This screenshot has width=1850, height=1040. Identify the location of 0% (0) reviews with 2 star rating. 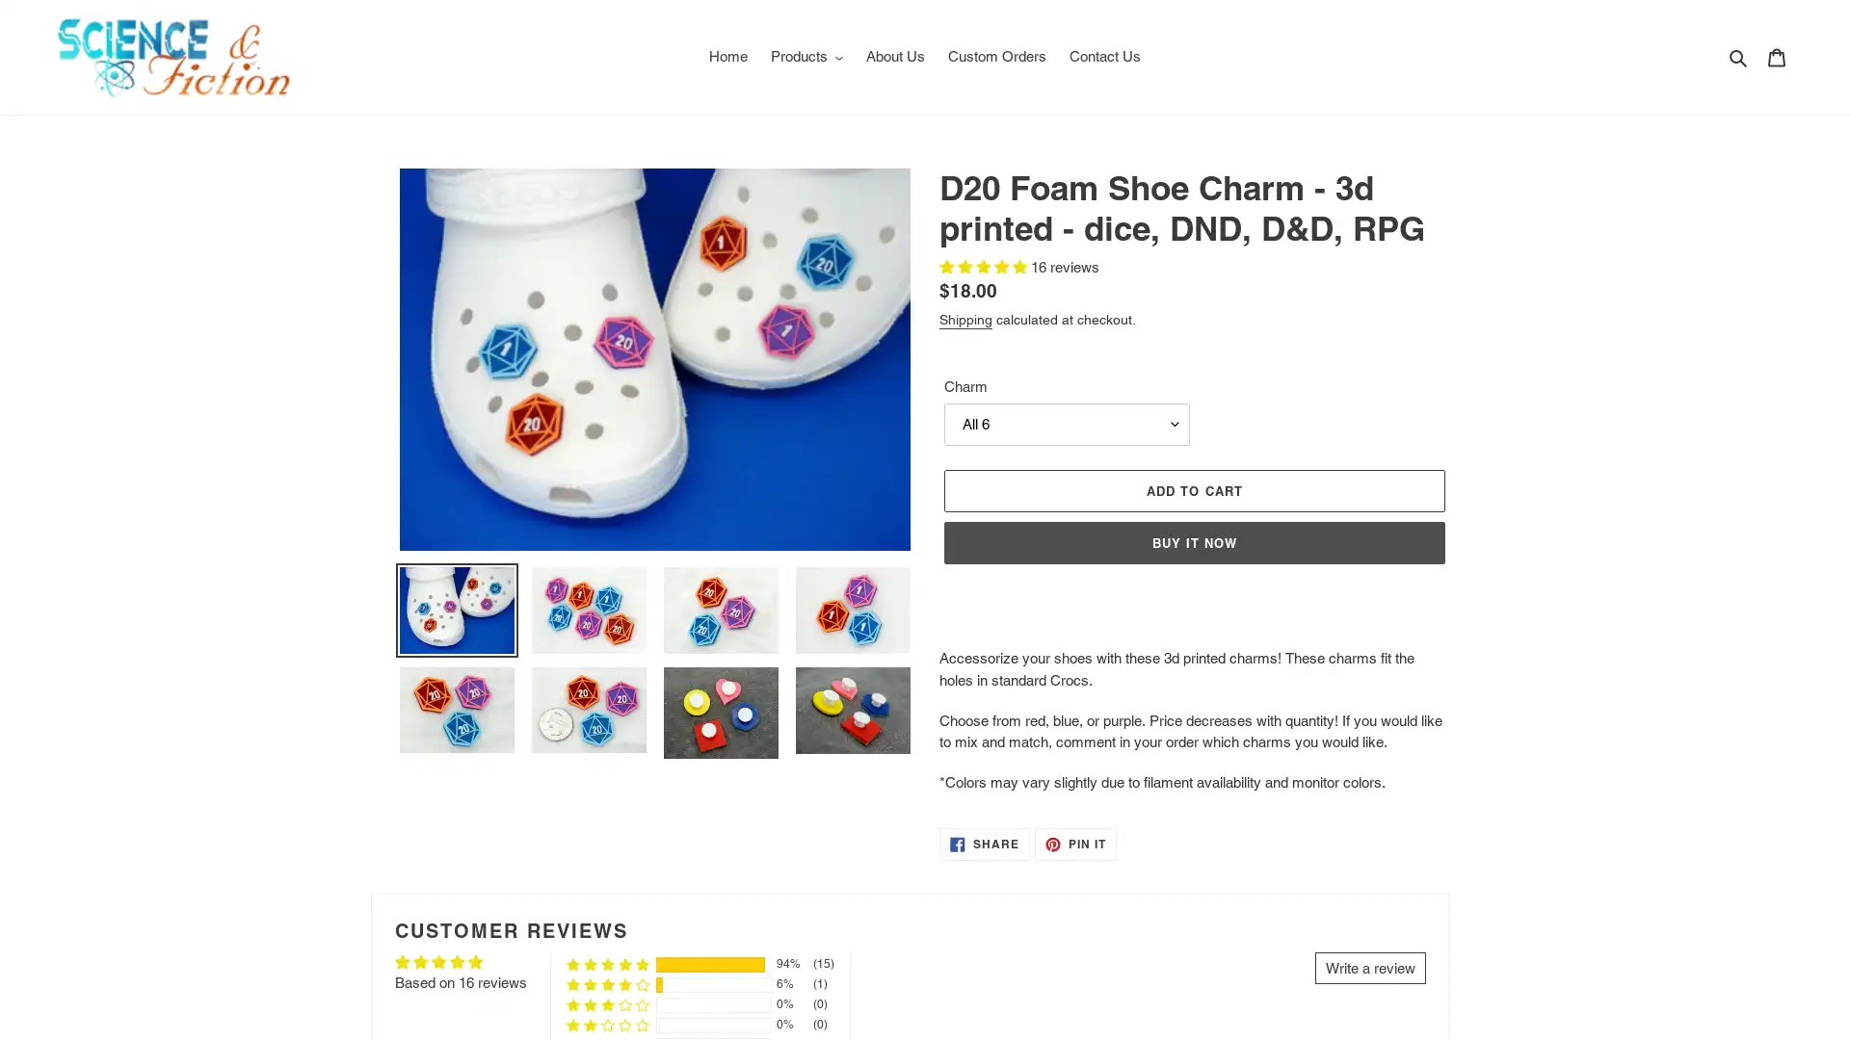
(606, 1024).